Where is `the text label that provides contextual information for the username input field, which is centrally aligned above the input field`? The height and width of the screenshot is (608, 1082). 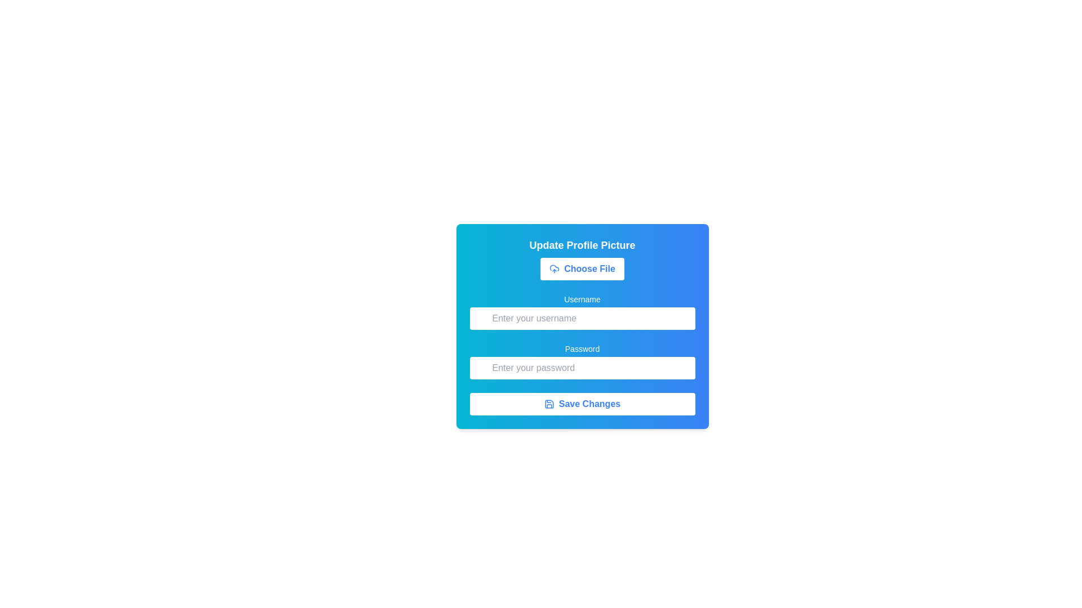
the text label that provides contextual information for the username input field, which is centrally aligned above the input field is located at coordinates (582, 299).